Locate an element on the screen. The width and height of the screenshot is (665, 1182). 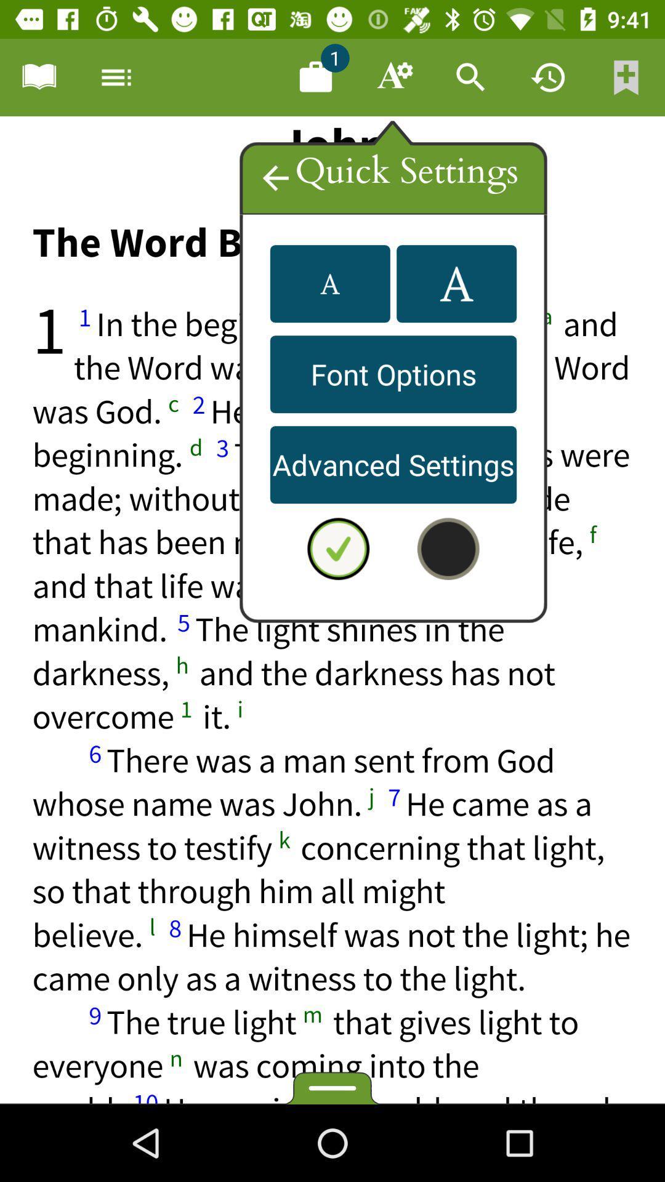
font tab is located at coordinates (393, 76).